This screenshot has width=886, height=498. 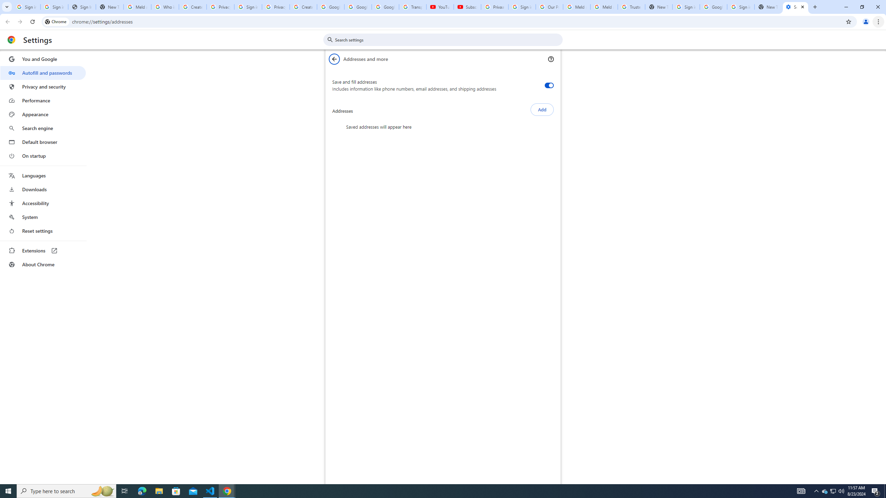 What do you see at coordinates (43, 114) in the screenshot?
I see `'Appearance'` at bounding box center [43, 114].